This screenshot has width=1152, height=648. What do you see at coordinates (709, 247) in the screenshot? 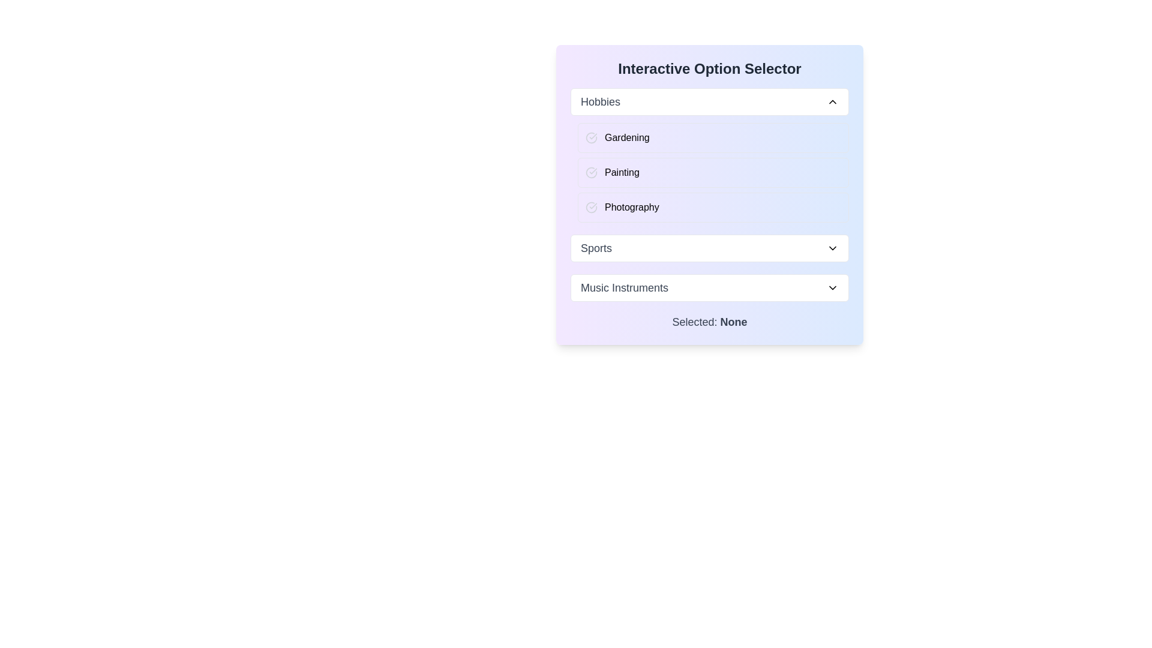
I see `the Dropdown trigger element labeled 'Sports'` at bounding box center [709, 247].